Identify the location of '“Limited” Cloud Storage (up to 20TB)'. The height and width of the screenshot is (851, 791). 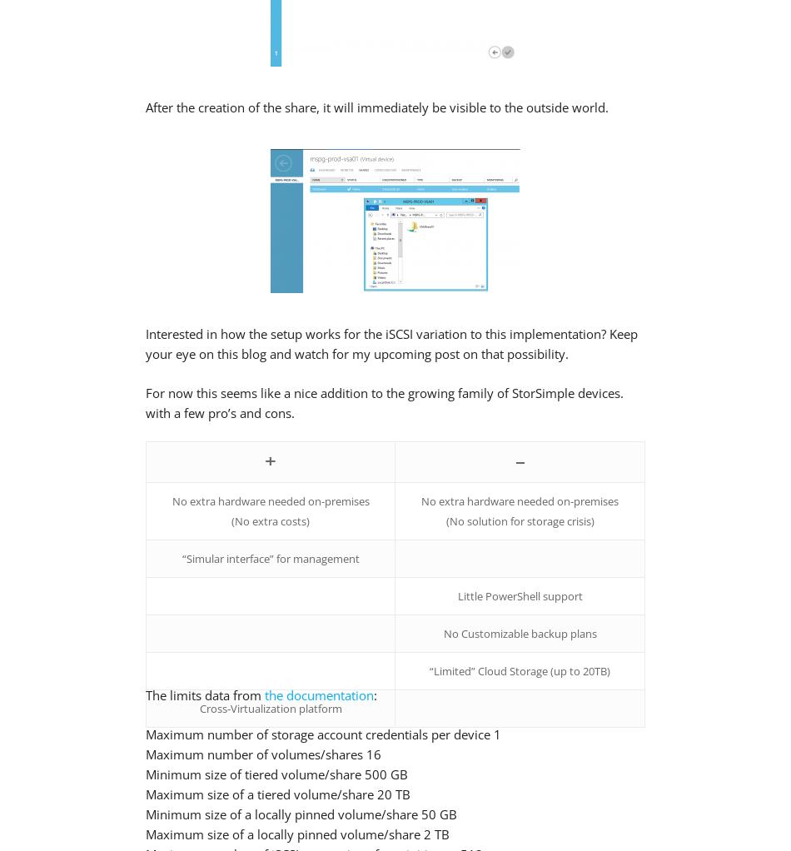
(520, 669).